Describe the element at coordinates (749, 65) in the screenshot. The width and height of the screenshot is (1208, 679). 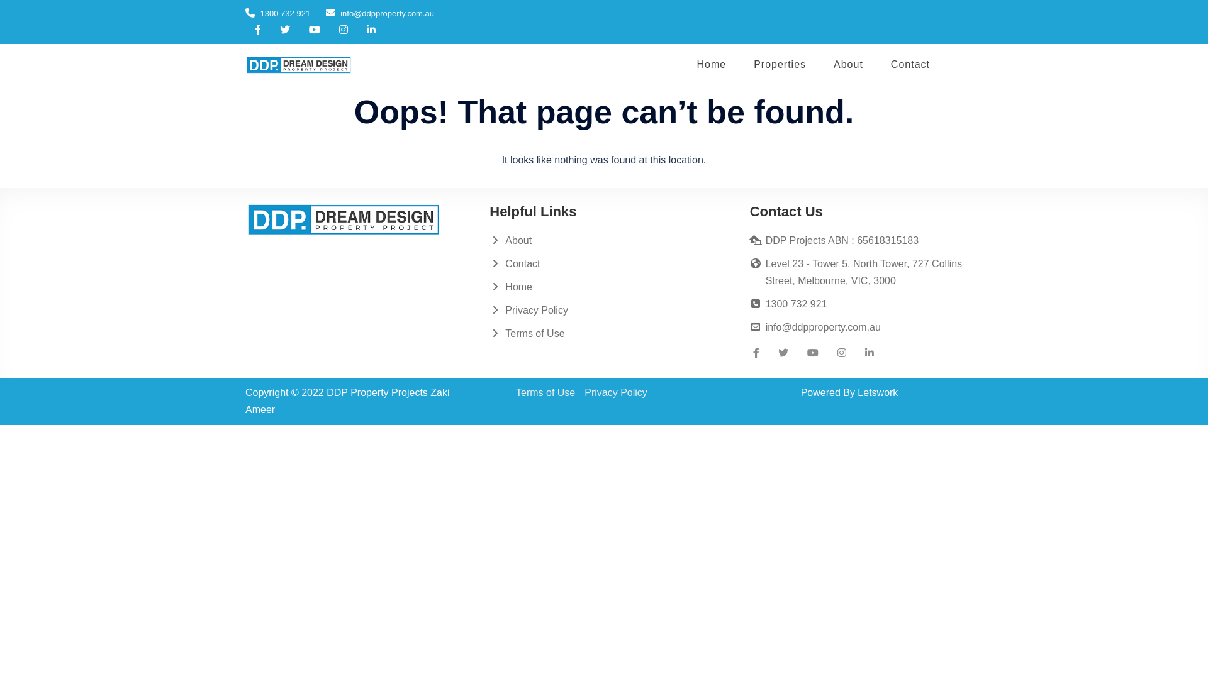
I see `'Properties'` at that location.